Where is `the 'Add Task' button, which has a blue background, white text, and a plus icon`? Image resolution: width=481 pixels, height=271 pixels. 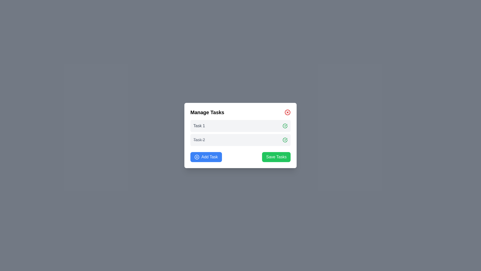
the 'Add Task' button, which has a blue background, white text, and a plus icon is located at coordinates (206, 157).